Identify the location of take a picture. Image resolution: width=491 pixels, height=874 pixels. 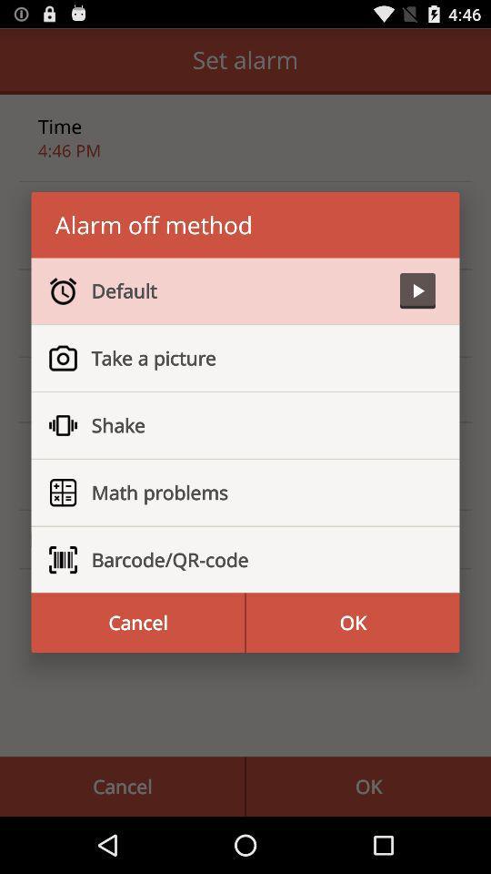
(255, 357).